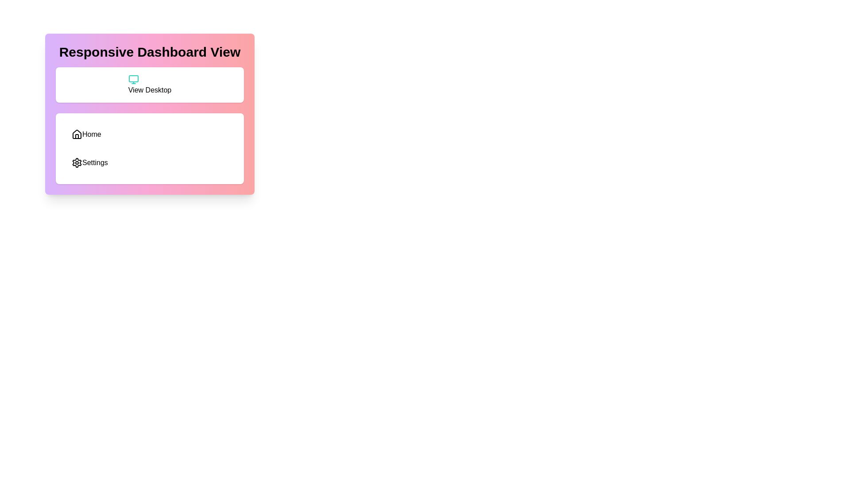 This screenshot has width=850, height=478. What do you see at coordinates (77, 136) in the screenshot?
I see `the 'Home' icon sub-part that visually indicates the 'Home' function, located to the left of the 'Home' label in the second section of the dashboard interface` at bounding box center [77, 136].